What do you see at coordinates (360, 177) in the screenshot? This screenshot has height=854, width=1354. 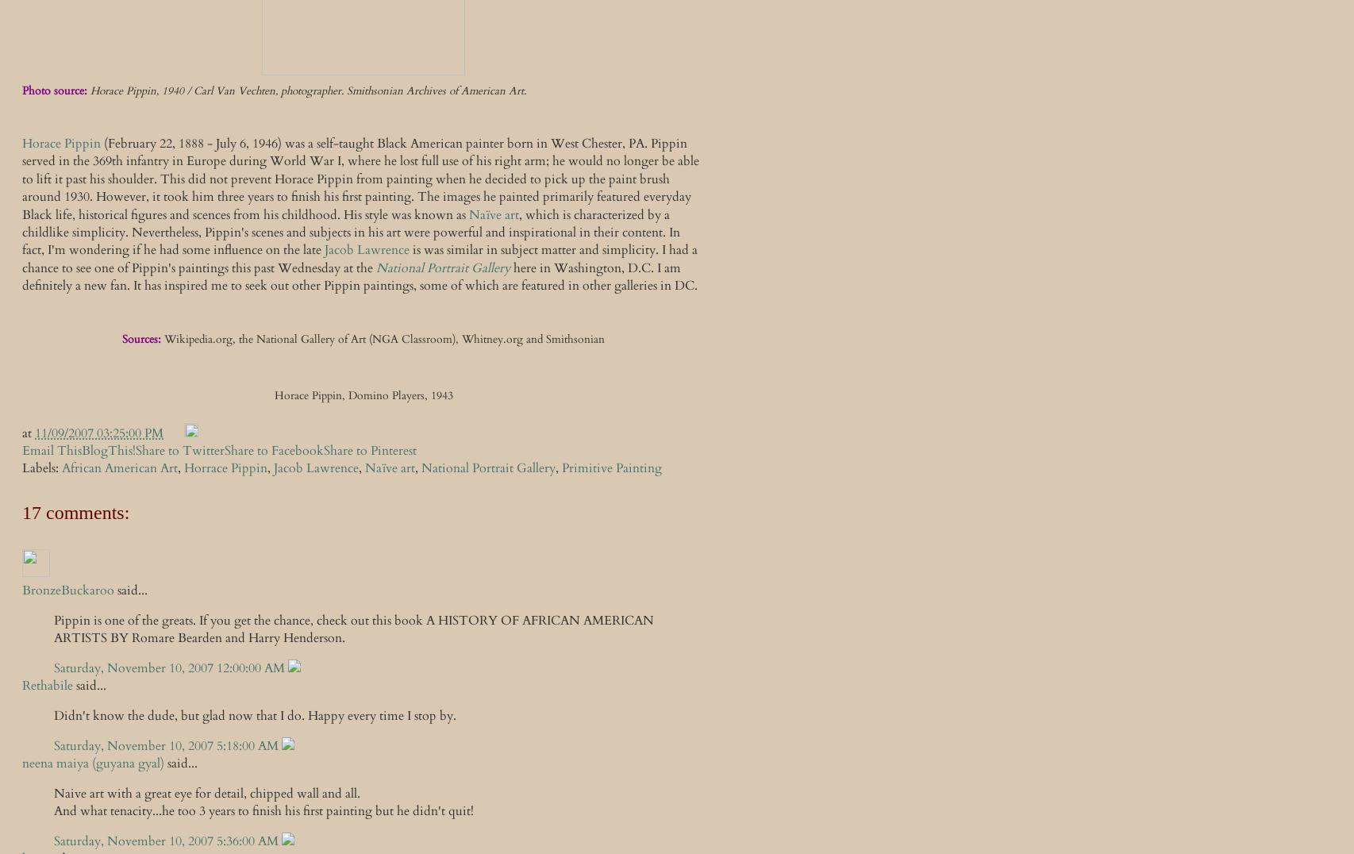 I see `'(February 22, 1888 - July 6, 1946) was a self-taught Black American painter born in West Chester, PA. Pippin served in the 369th infantry in Europe during World War I, where he lost full use of his right arm; he would no longer be able to lift it past his shoulder. This did not prevent Horace Pippin from painting when he decided to pick up the paint brush around 1930. However, it took him three years to finish his first painting. The images he painted primarily featured everyday Black life, historical figures and scences from his childhood. His style was known as'` at bounding box center [360, 177].